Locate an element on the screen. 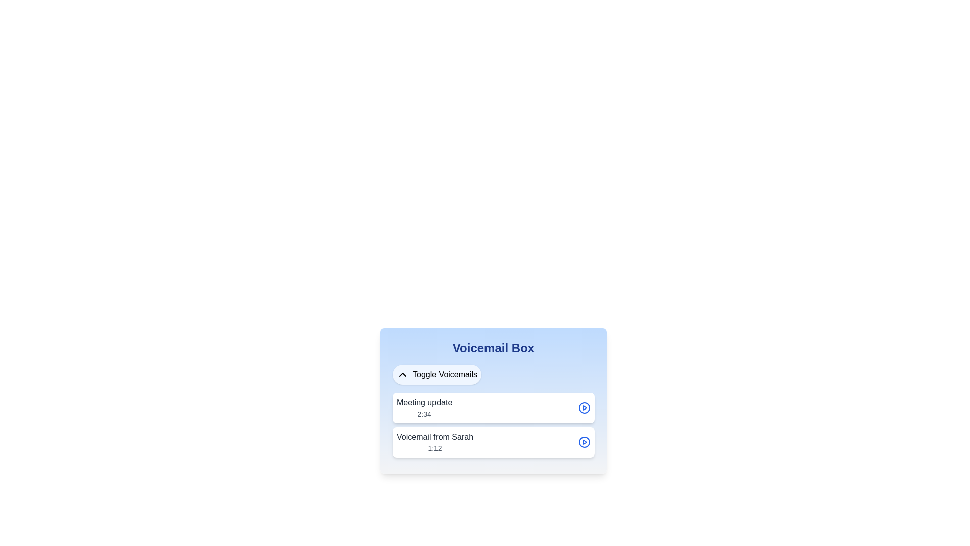 The width and height of the screenshot is (970, 546). the Play Button Icon located at the far right of the 'Meeting update' entry in the Voicemail Box interface to trigger the scaling effect is located at coordinates (584, 407).